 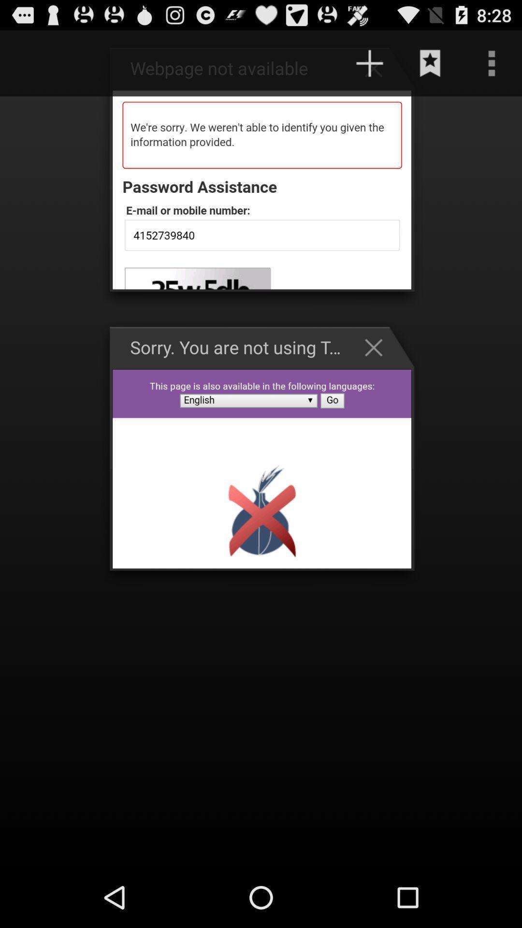 I want to click on the bookmark icon, so click(x=430, y=67).